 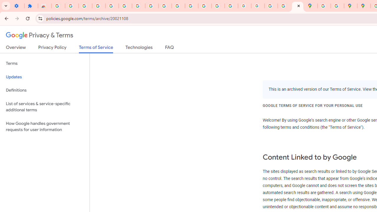 I want to click on 'Google Maps', so click(x=310, y=6).